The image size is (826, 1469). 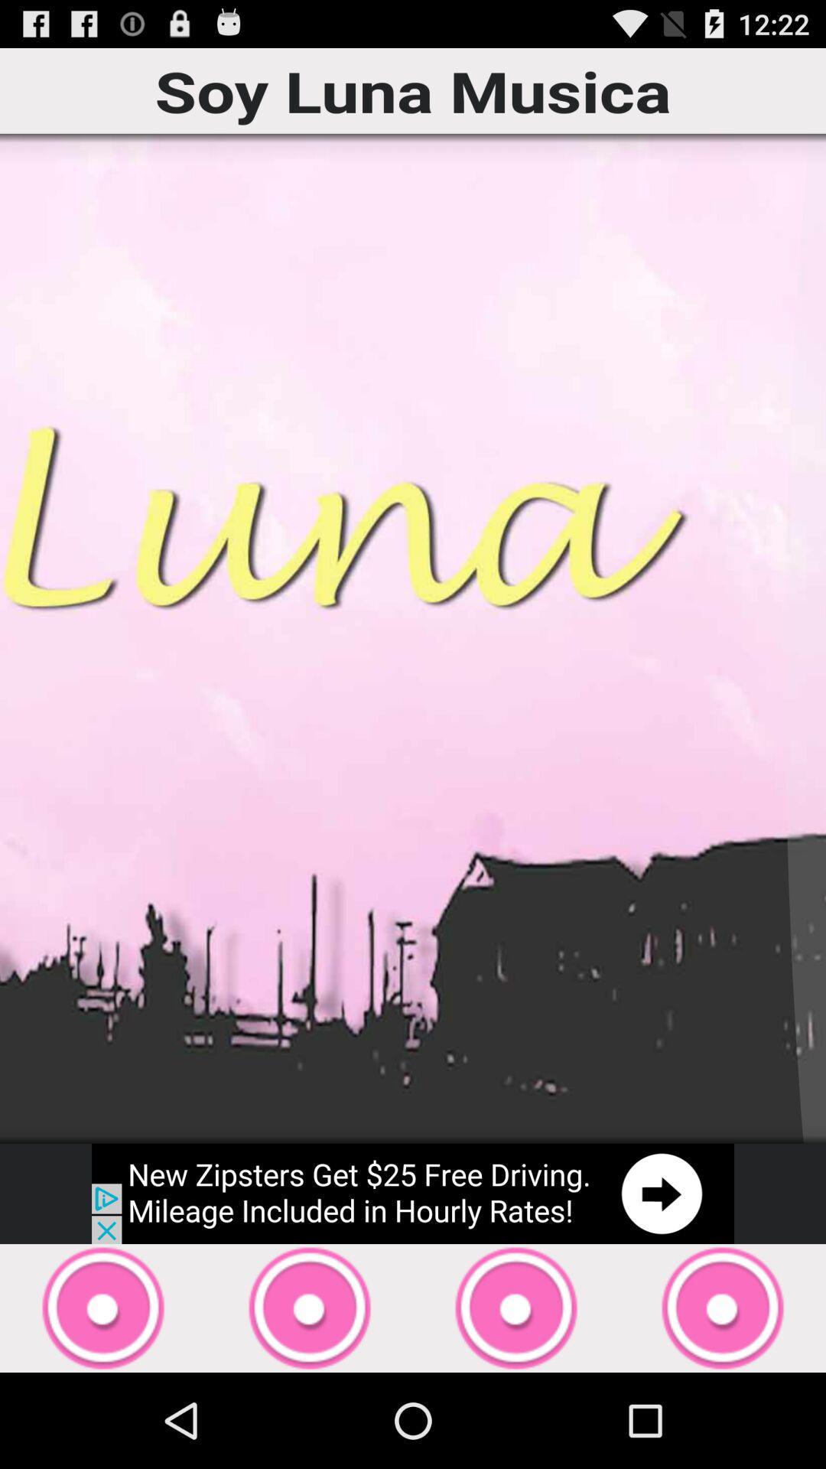 What do you see at coordinates (413, 1193) in the screenshot?
I see `click advertisement` at bounding box center [413, 1193].